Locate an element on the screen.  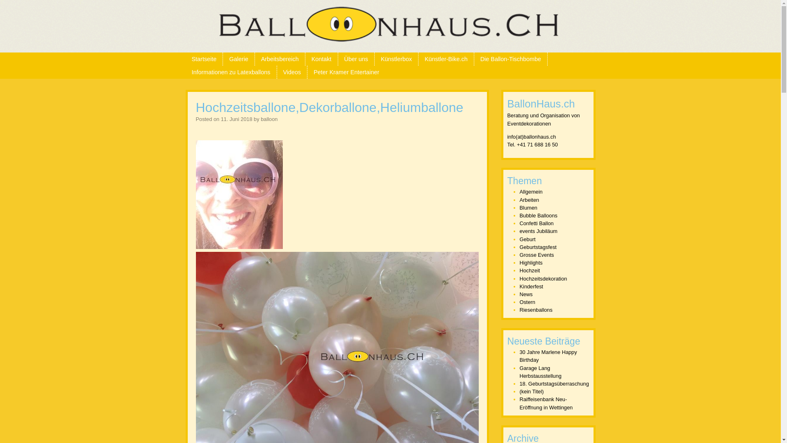
'Ostern' is located at coordinates (519, 302).